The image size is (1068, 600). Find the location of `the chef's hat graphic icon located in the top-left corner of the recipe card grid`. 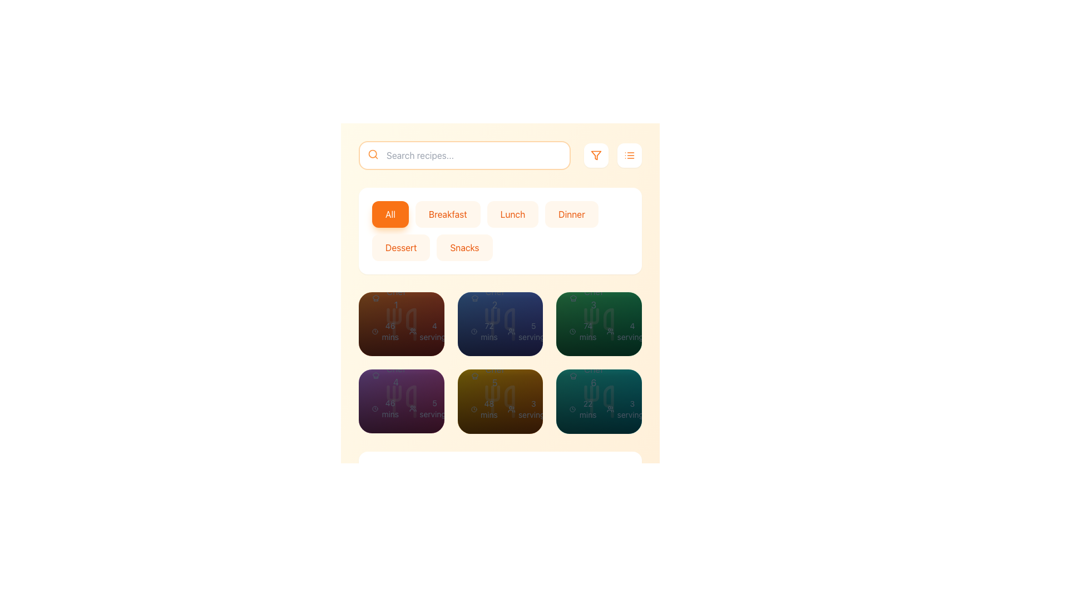

the chef's hat graphic icon located in the top-left corner of the recipe card grid is located at coordinates (376, 298).